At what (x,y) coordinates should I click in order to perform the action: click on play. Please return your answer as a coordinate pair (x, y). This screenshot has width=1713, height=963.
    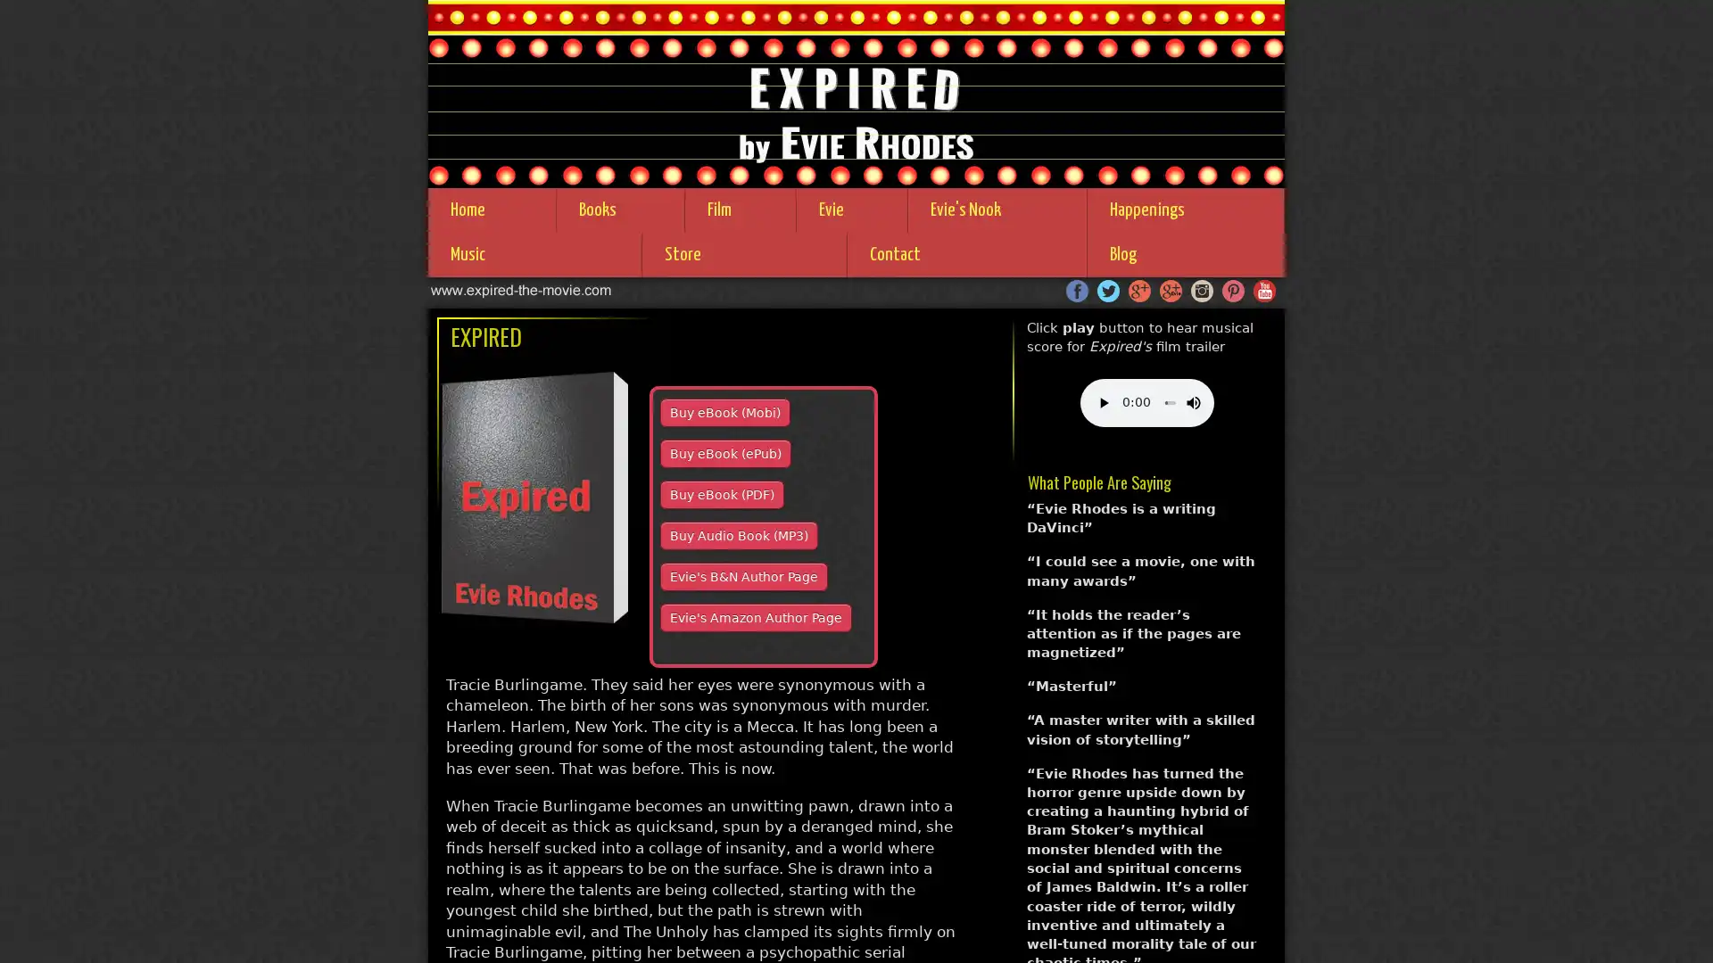
    Looking at the image, I should click on (1102, 402).